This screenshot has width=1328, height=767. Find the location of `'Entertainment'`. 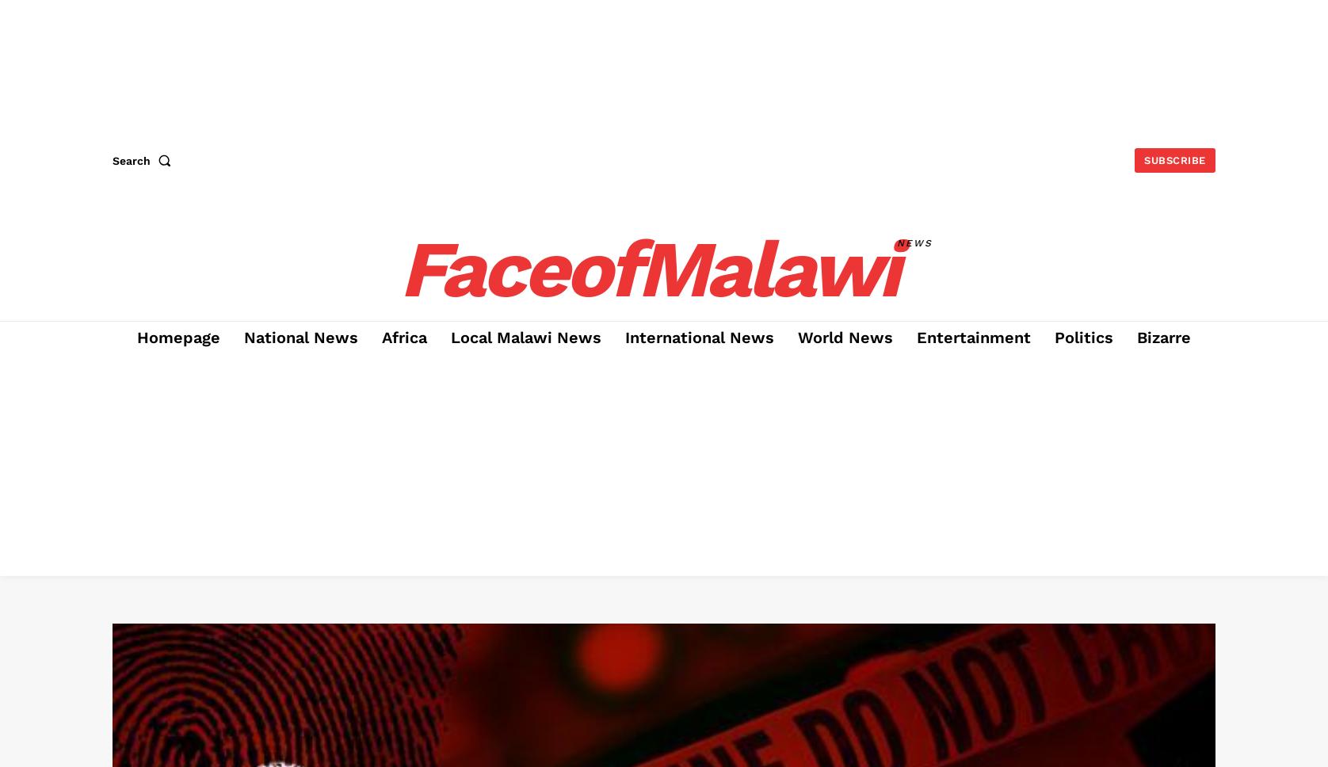

'Entertainment' is located at coordinates (915, 338).